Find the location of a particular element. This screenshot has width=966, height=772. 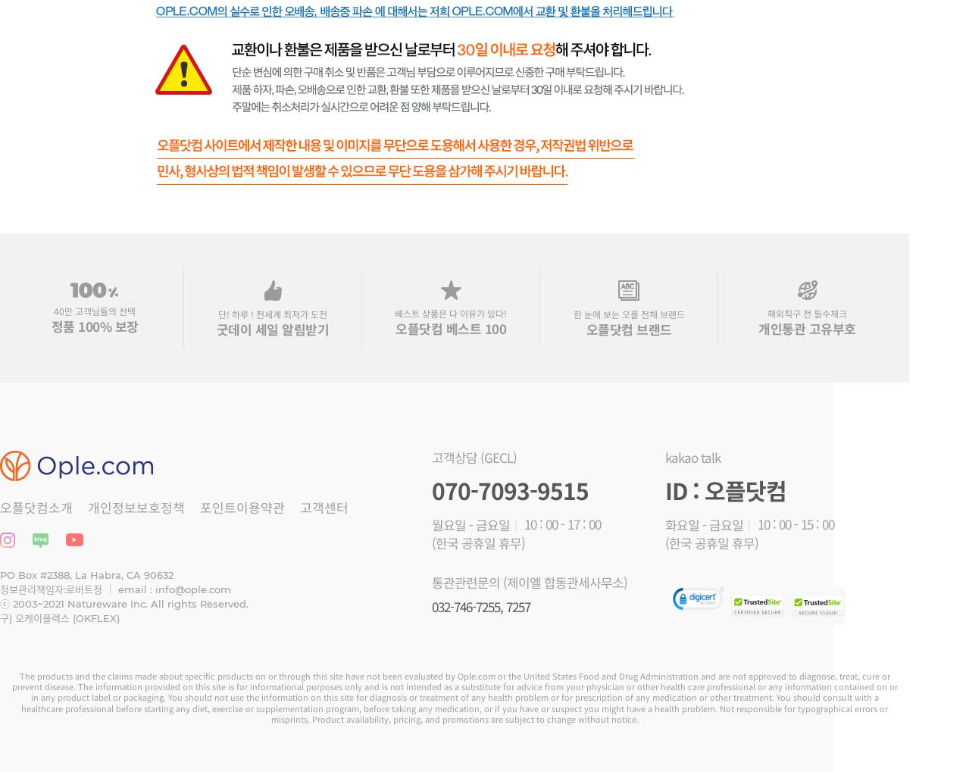

'The products and the claims made about specific products on or through this site have not been evaluated by Ople.com or the United States Food and Drug Administration and are not approved to diagnose, treat, cure or prevent disease.
            The information provided on this site is for informational purposes only and is not intended as a substitute for advice from your physician or other health care professional or any information contained on or in any product label or packaging.
            You should not use the information on this site for diagnosis or treatment of any health problem or for prescription of any medication or other treatment.
            You should consult with a healthcare professional before starting any diet, exercise or supplementation program, before taking any medication, or if you have or suspect you might have a health problem.
            Not responsible for typographical errors or misprints. Product availability, pricing, and promotions are subject to change without notice.' is located at coordinates (454, 696).